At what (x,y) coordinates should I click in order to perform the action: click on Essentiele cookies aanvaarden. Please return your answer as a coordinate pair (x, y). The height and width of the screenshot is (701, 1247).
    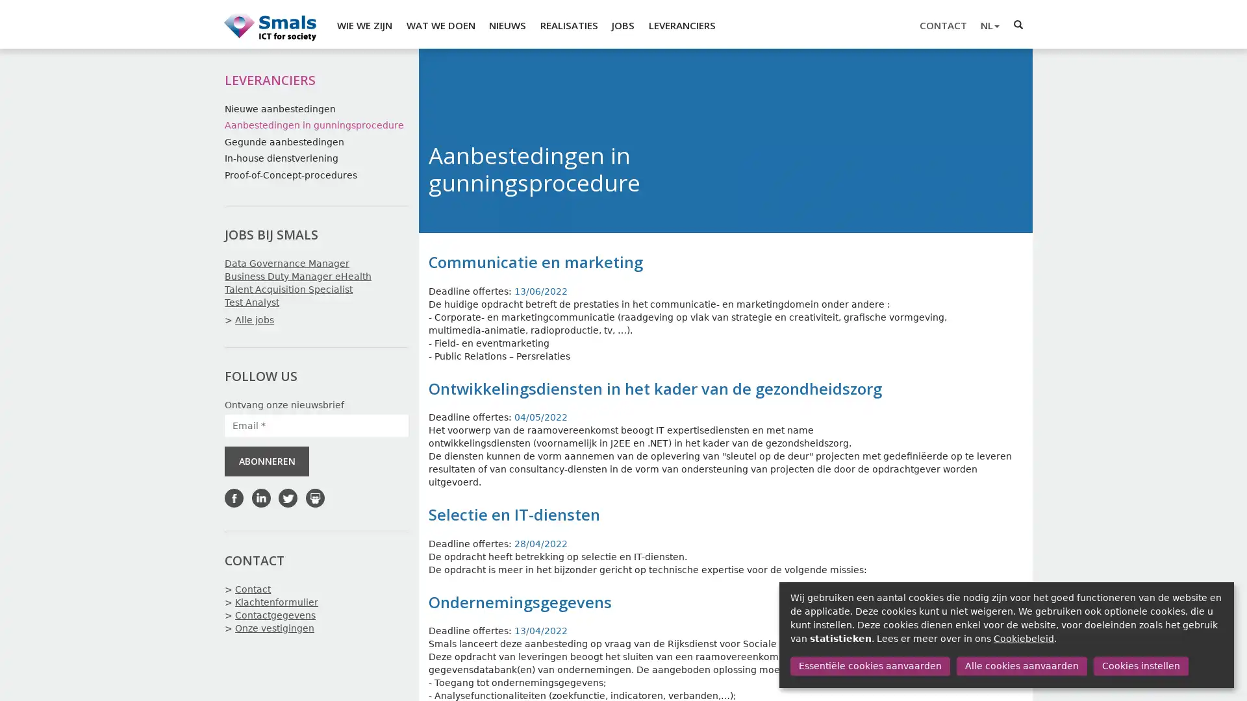
    Looking at the image, I should click on (870, 666).